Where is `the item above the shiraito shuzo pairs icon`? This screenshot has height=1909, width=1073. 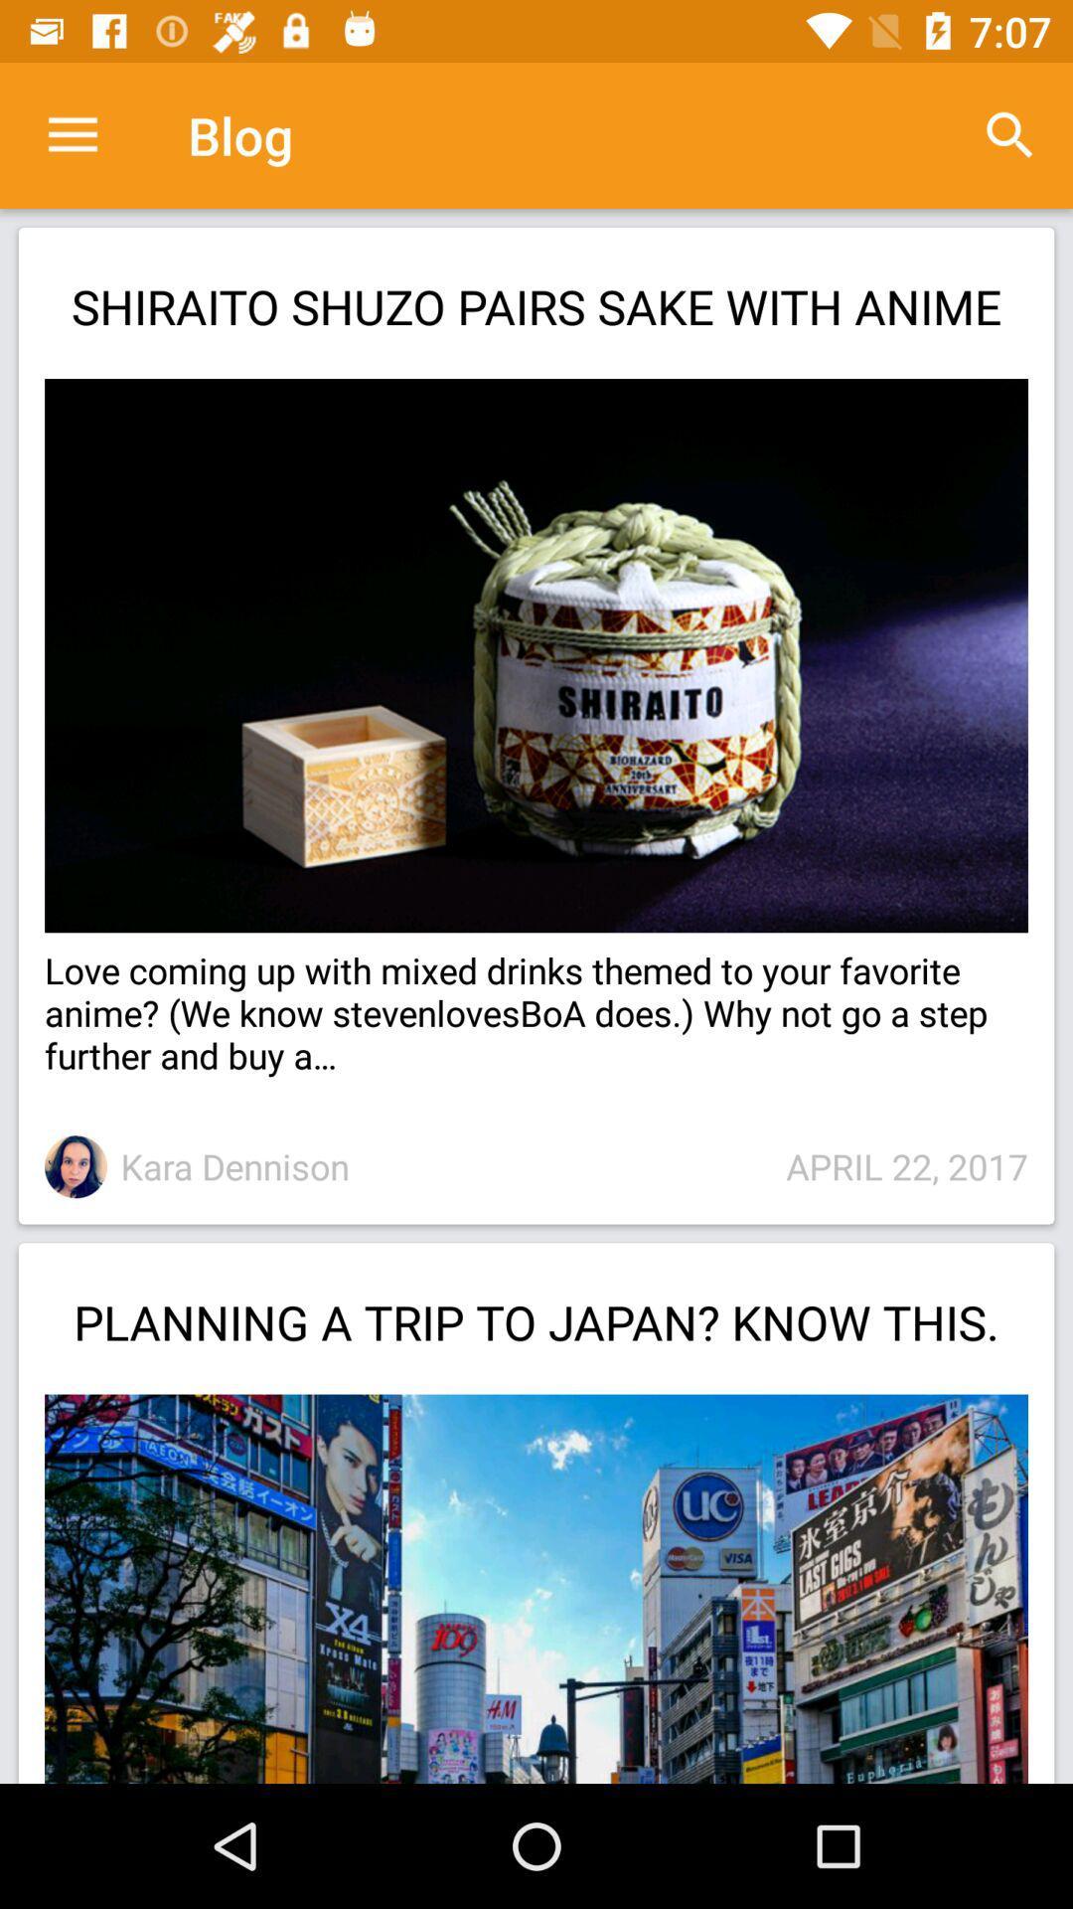 the item above the shiraito shuzo pairs icon is located at coordinates (1010, 134).